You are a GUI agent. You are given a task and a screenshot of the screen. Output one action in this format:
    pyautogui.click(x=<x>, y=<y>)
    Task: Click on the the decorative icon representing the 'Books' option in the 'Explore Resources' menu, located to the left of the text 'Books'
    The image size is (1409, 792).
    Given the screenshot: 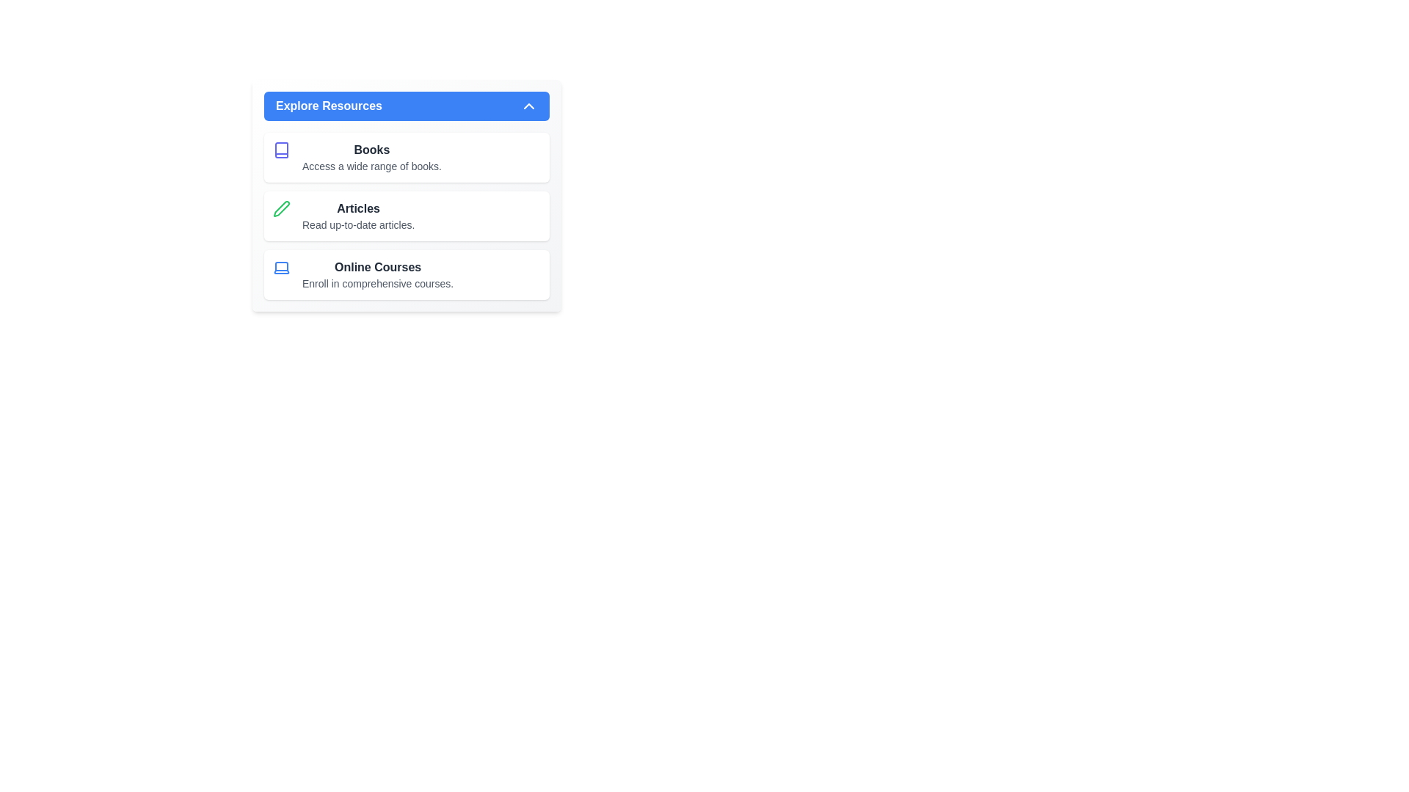 What is the action you would take?
    pyautogui.click(x=282, y=150)
    